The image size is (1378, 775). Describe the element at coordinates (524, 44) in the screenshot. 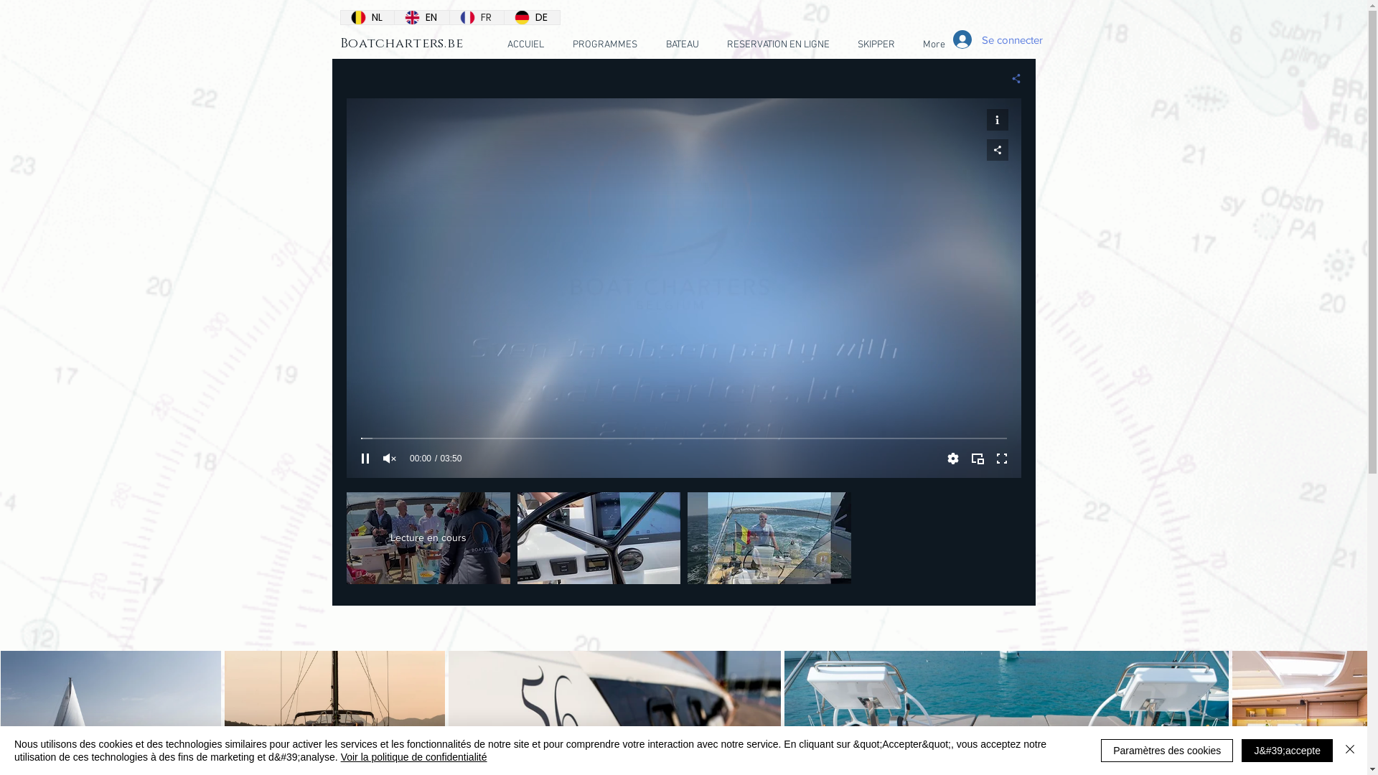

I see `'ACCUIEL'` at that location.